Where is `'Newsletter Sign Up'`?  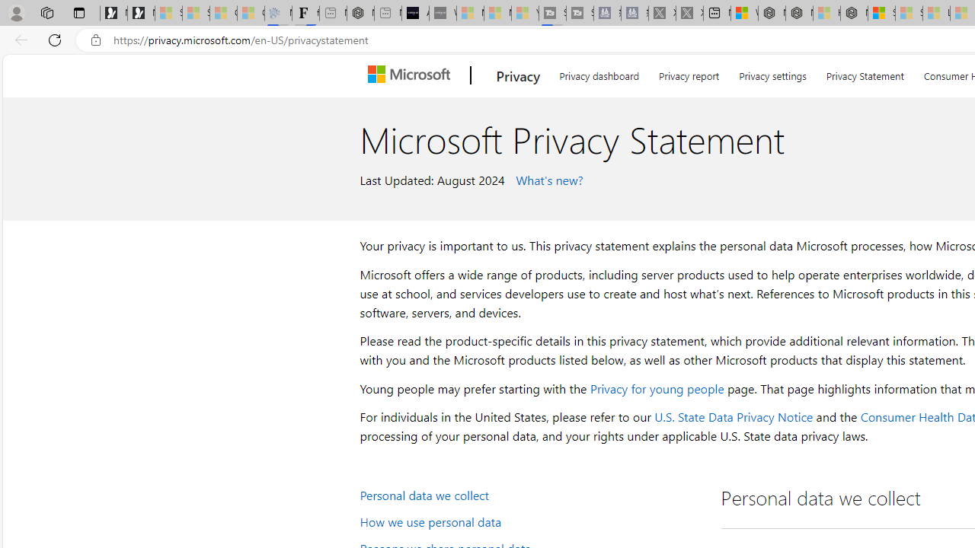 'Newsletter Sign Up' is located at coordinates (141, 13).